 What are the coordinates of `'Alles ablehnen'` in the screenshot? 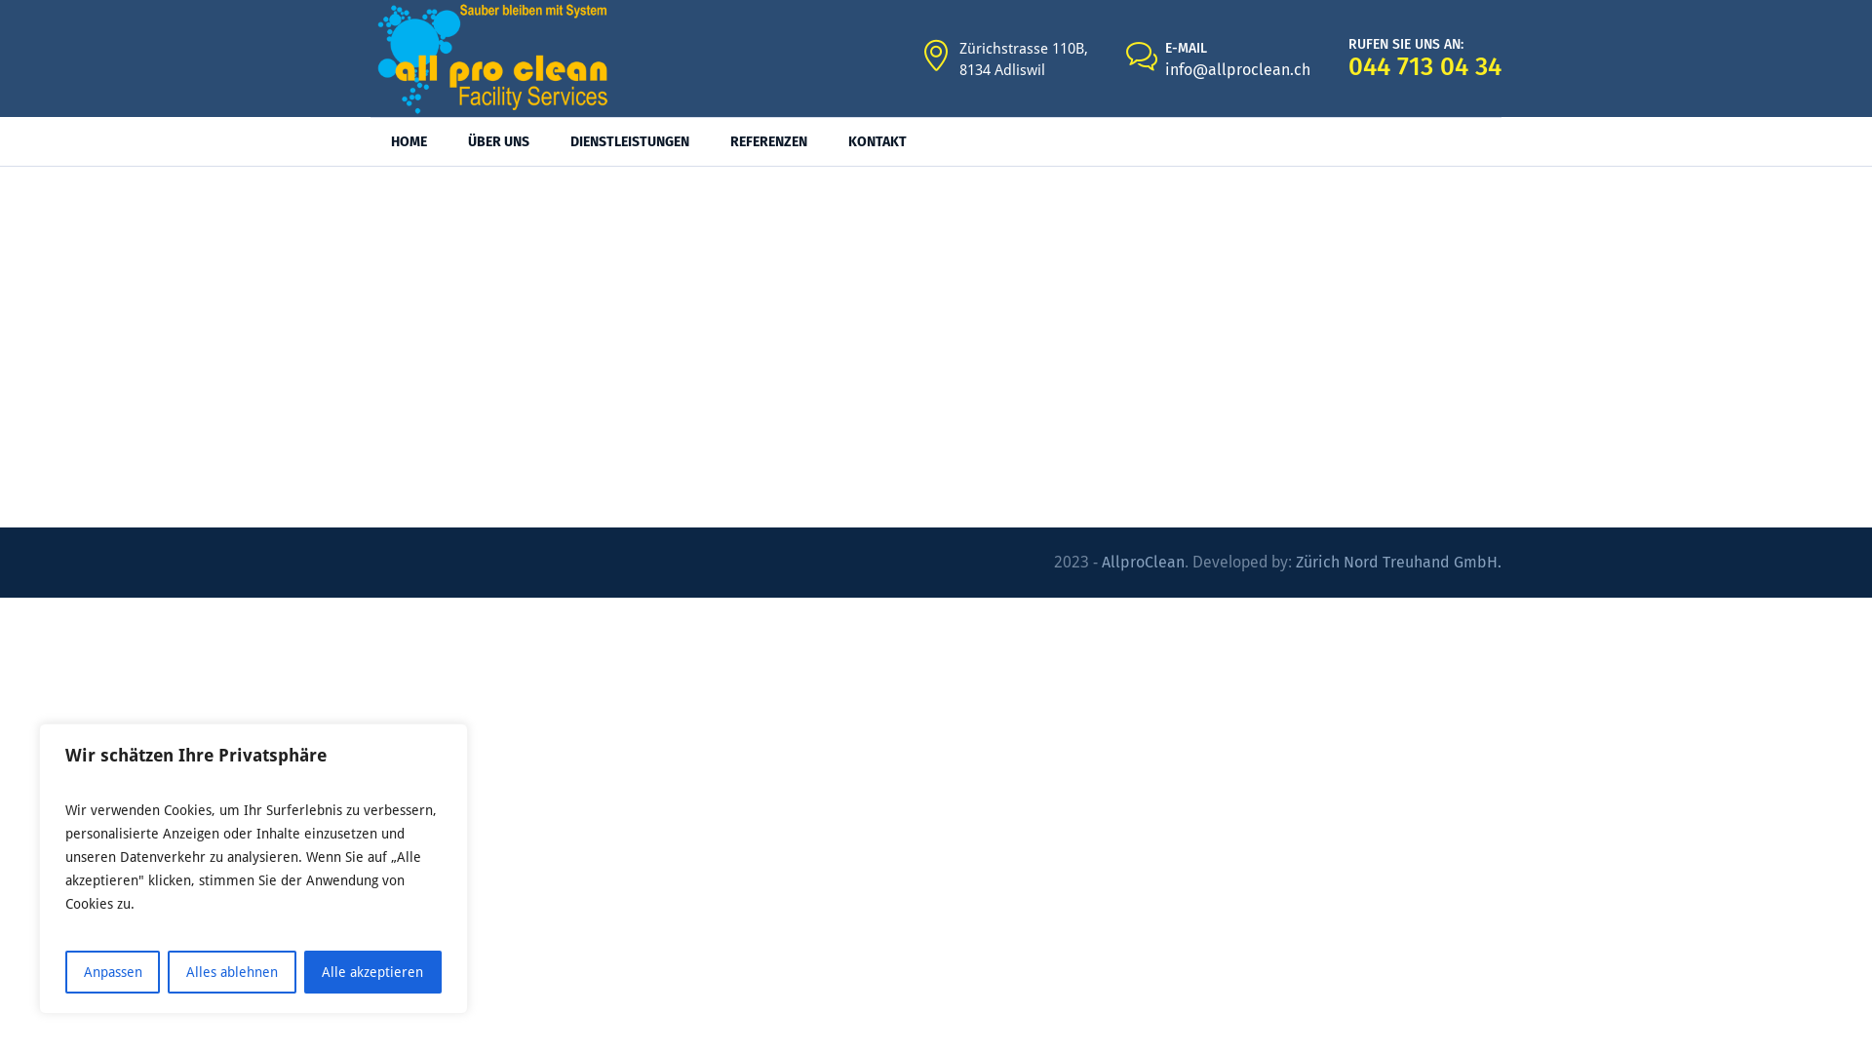 It's located at (231, 971).